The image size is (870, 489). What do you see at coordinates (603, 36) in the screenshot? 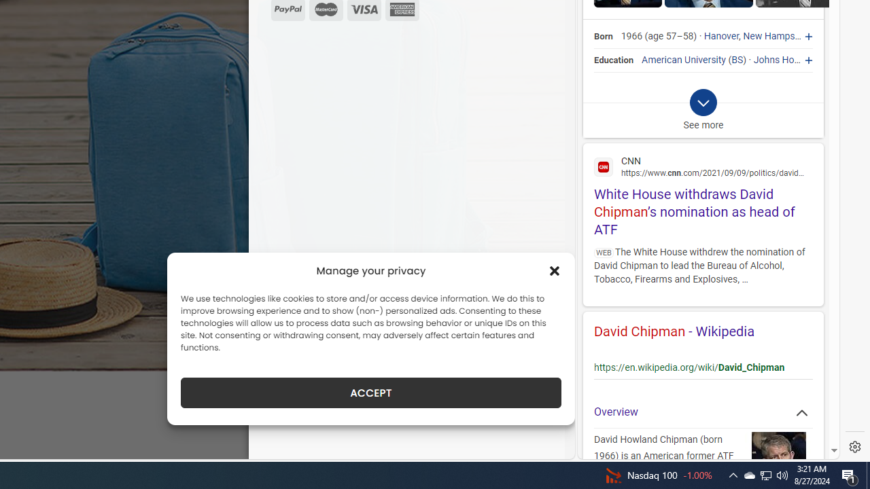
I see `'Born'` at bounding box center [603, 36].